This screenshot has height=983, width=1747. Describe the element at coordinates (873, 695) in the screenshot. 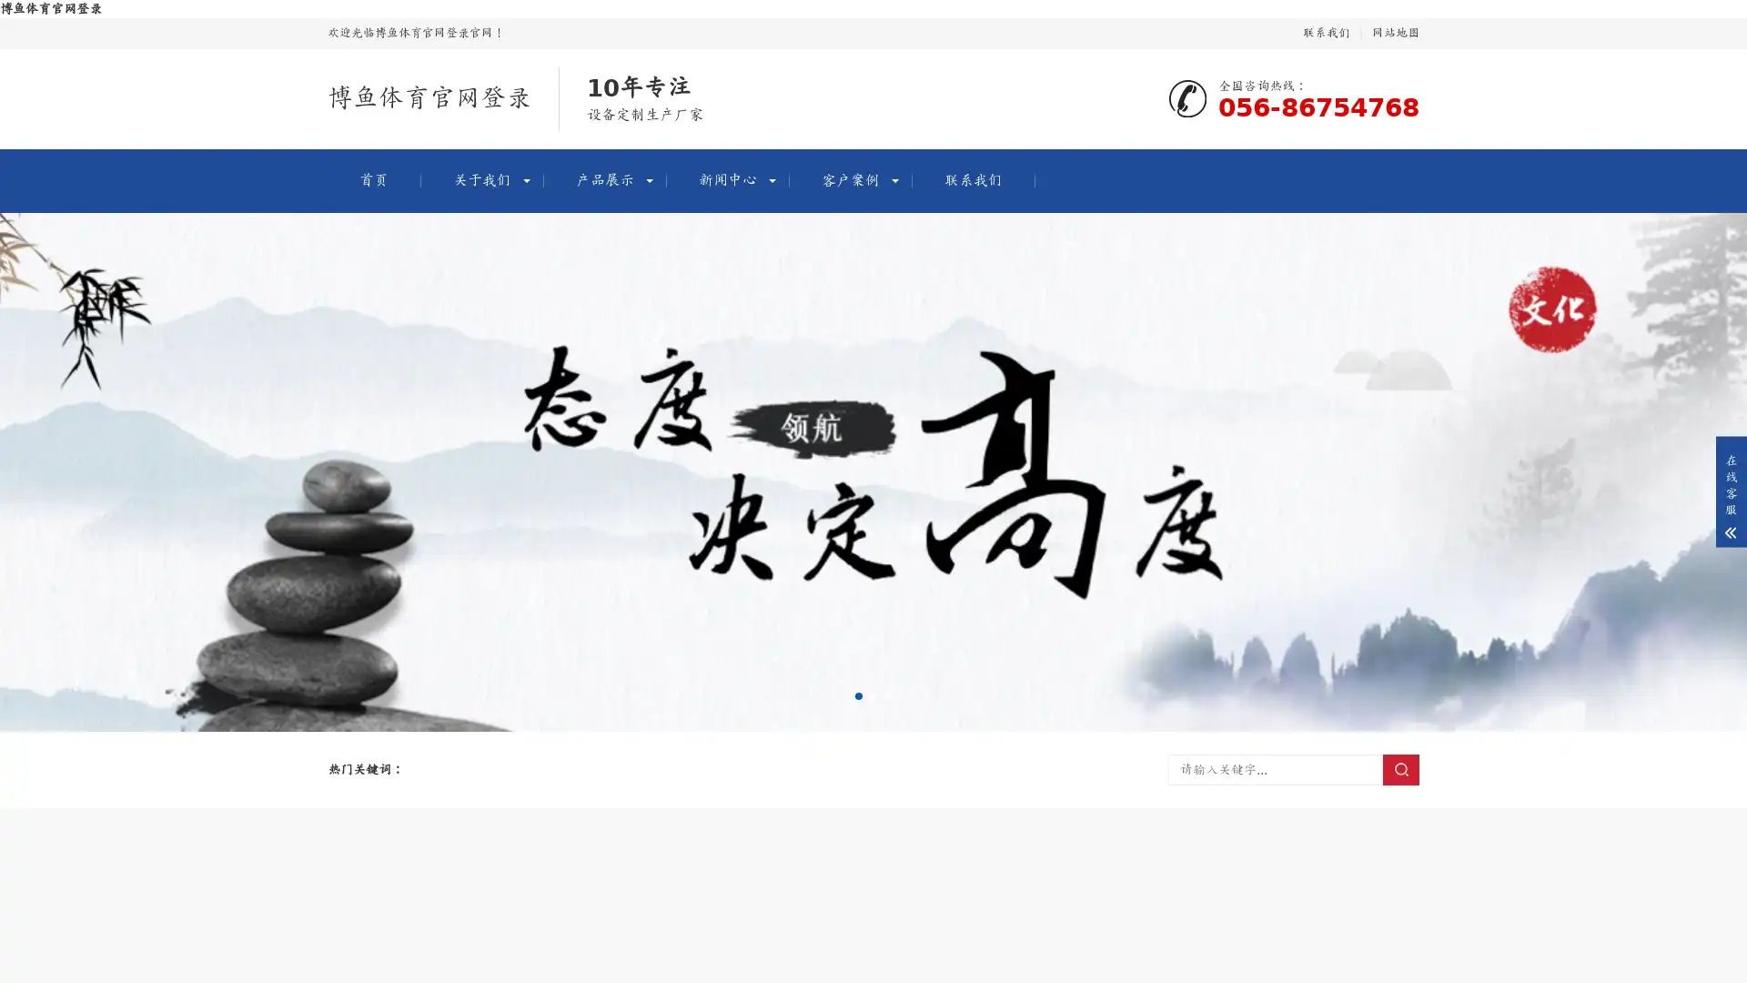

I see `Go to slide 2` at that location.